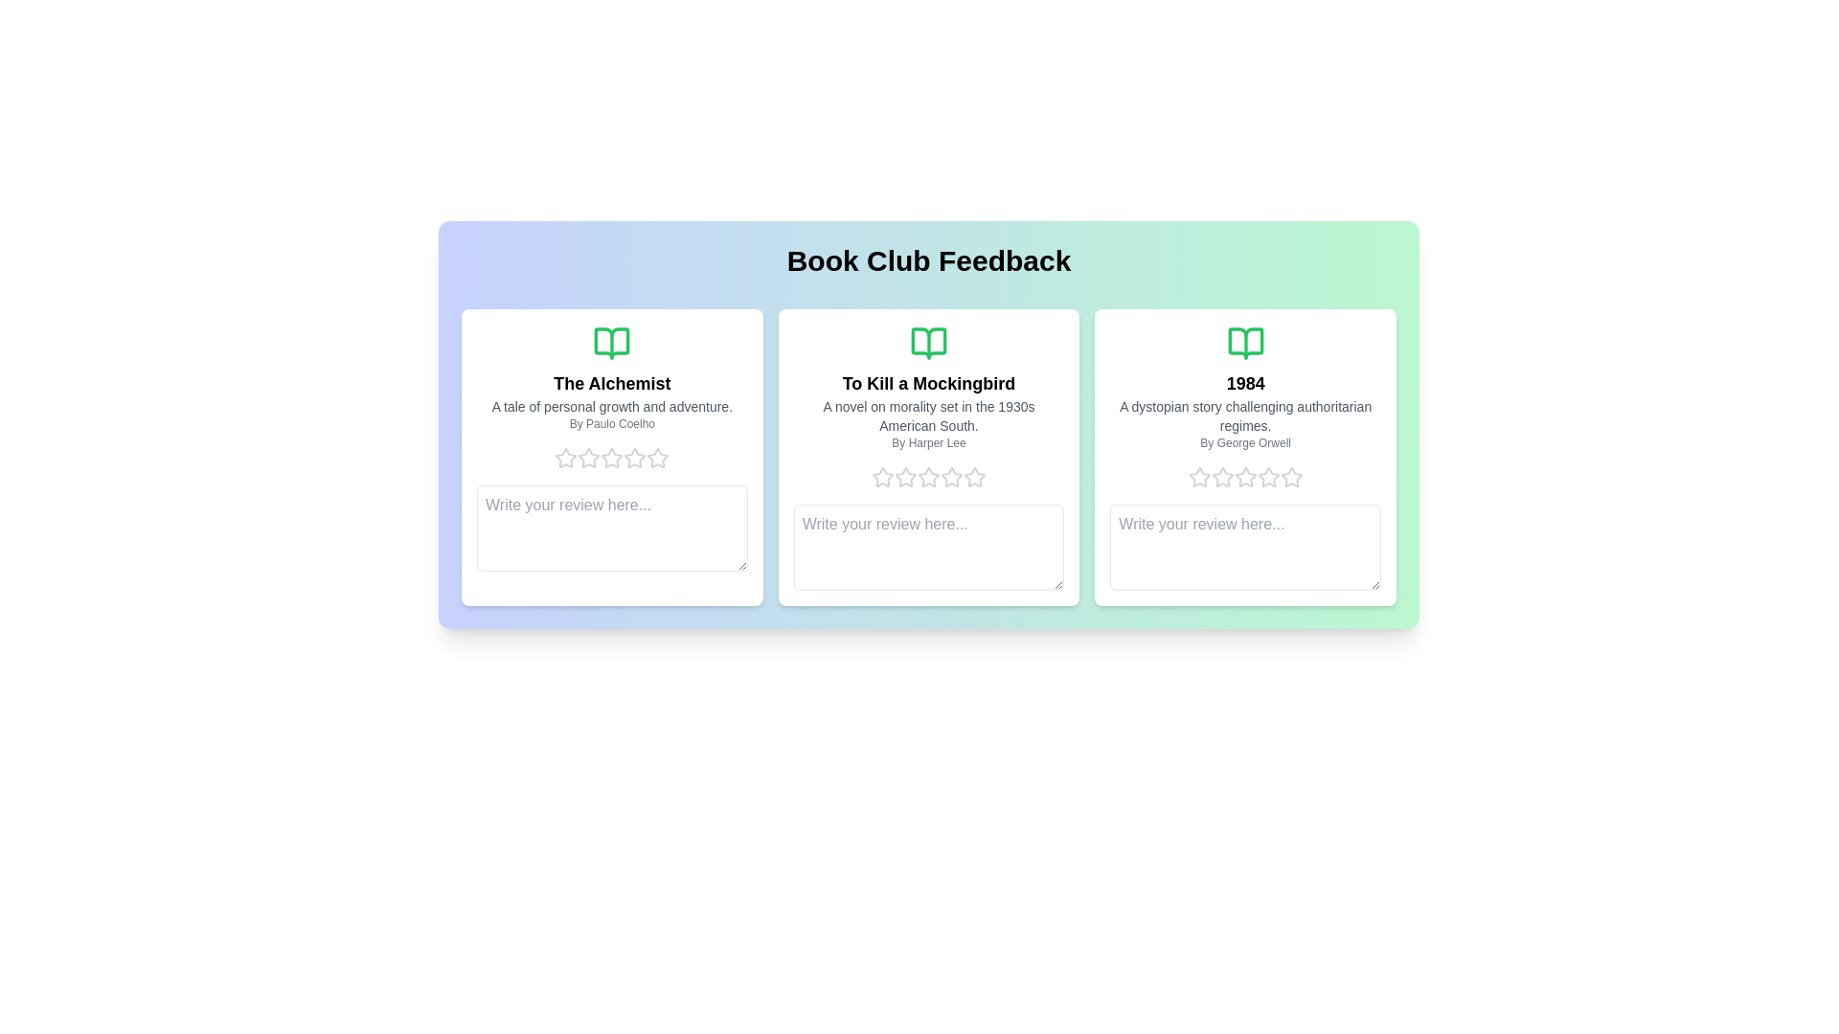 The height and width of the screenshot is (1034, 1839). What do you see at coordinates (611, 458) in the screenshot?
I see `the third star in the star-based Rating widget located under 'By Paulo Coelho' and above 'Write your review here...'` at bounding box center [611, 458].